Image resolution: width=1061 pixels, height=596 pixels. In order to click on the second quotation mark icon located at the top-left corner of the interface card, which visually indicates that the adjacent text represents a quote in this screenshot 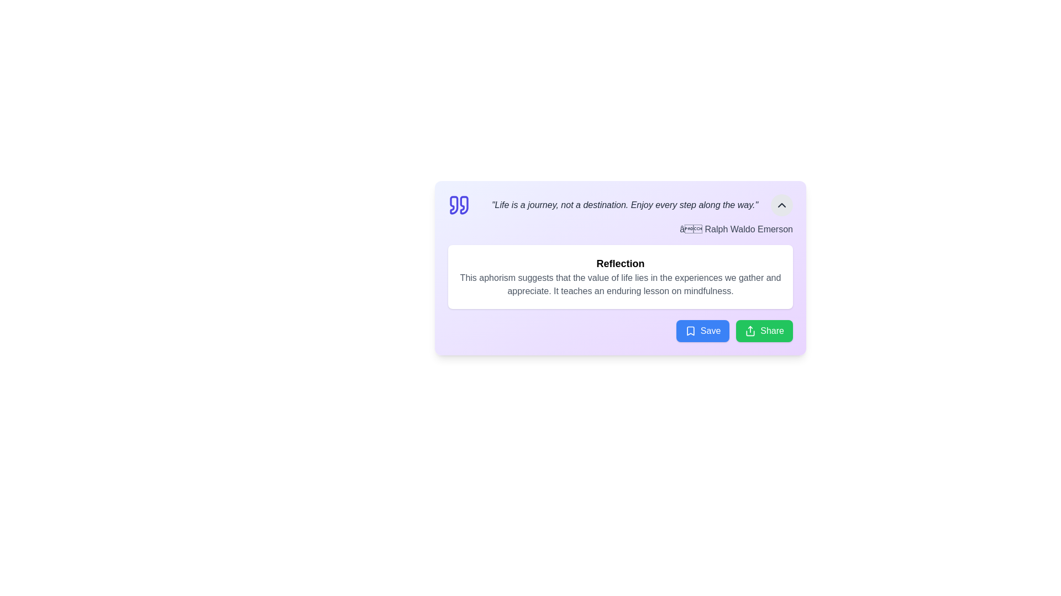, I will do `click(464, 205)`.